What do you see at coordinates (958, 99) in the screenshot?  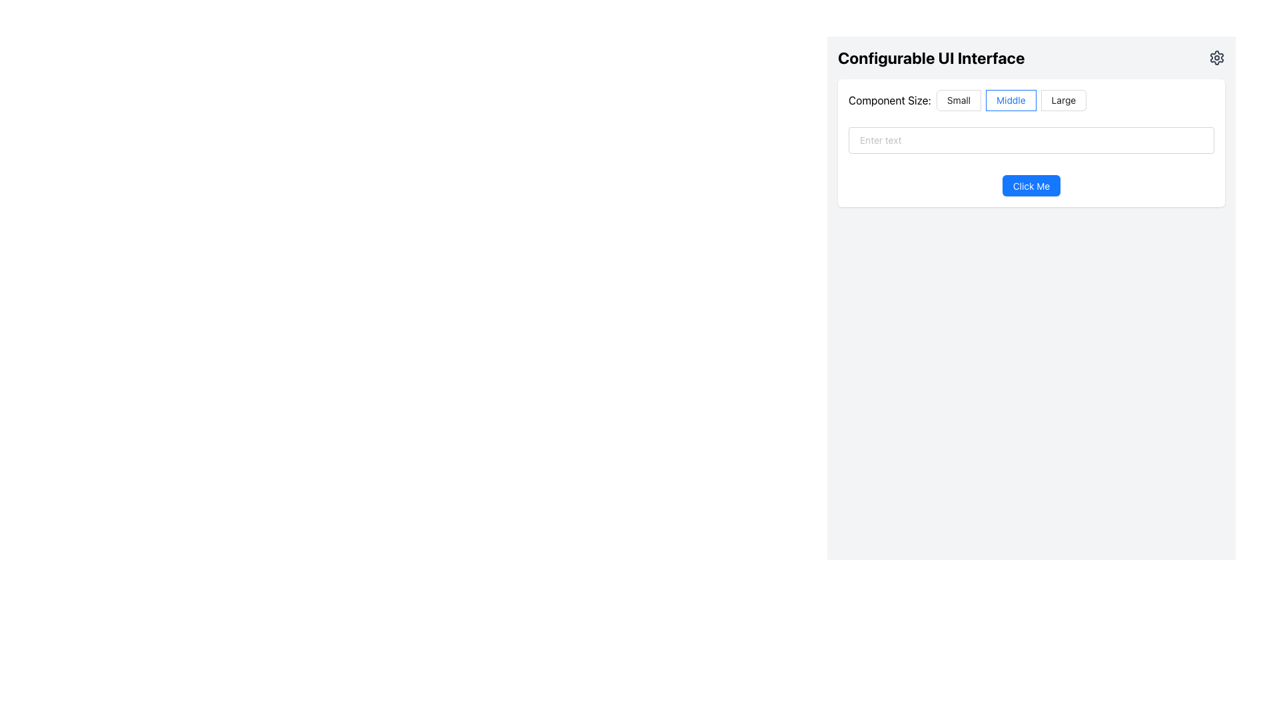 I see `the 'Small' radio button located under the 'Component Size' label by clicking it` at bounding box center [958, 99].